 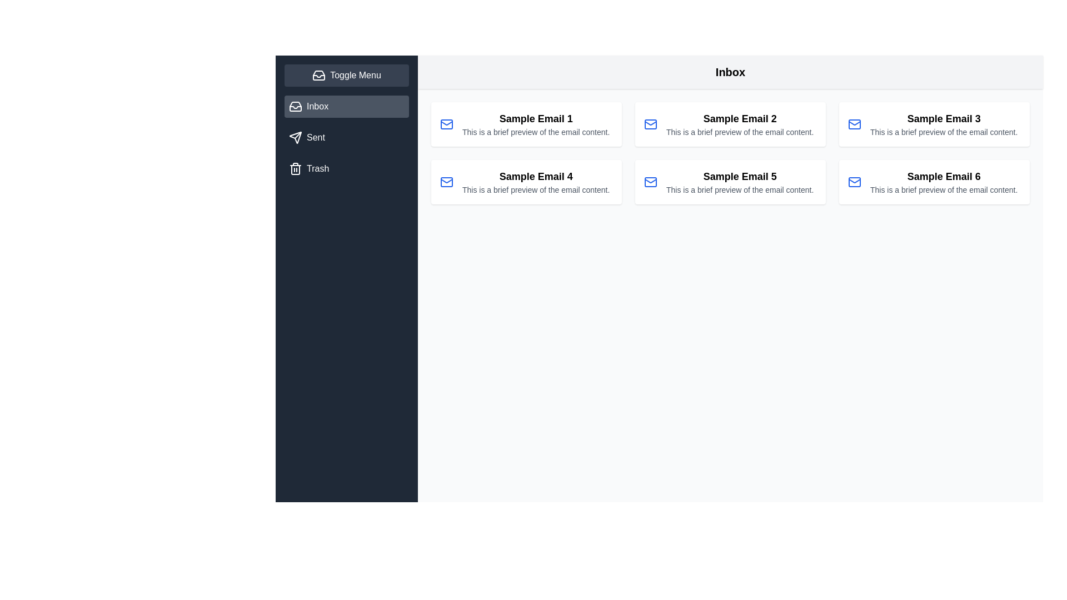 What do you see at coordinates (296, 169) in the screenshot?
I see `the trash can icon located in the left-side navigation menu next to the 'Trash' text` at bounding box center [296, 169].